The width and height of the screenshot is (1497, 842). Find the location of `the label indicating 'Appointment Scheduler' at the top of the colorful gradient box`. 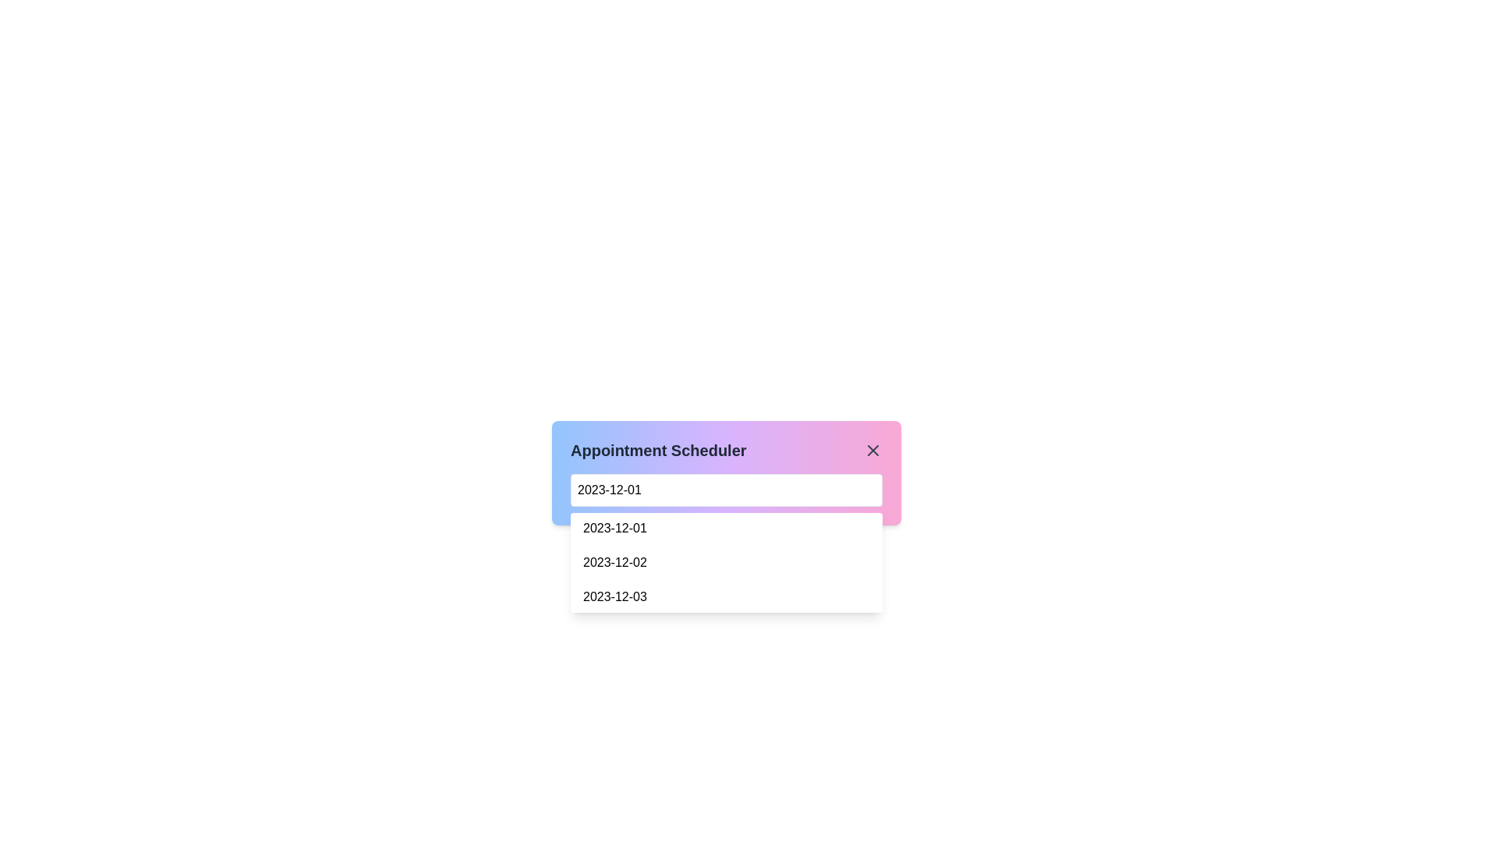

the label indicating 'Appointment Scheduler' at the top of the colorful gradient box is located at coordinates (725, 451).